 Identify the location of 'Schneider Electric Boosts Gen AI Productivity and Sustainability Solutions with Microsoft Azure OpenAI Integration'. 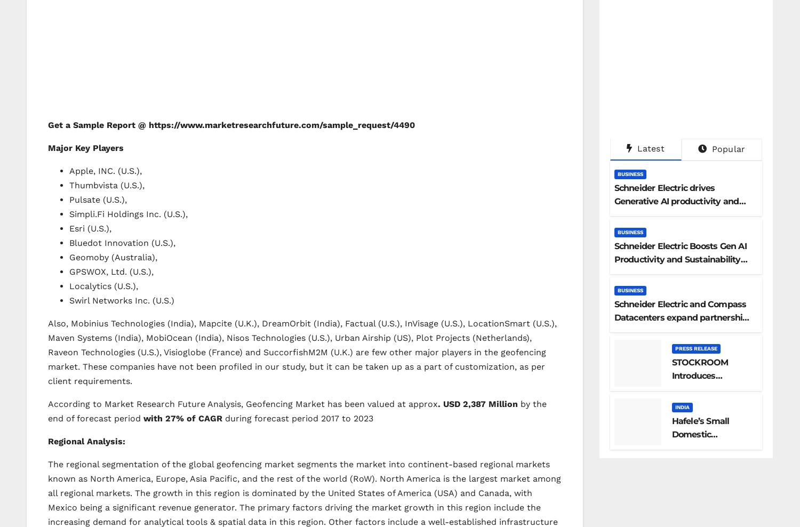
(613, 265).